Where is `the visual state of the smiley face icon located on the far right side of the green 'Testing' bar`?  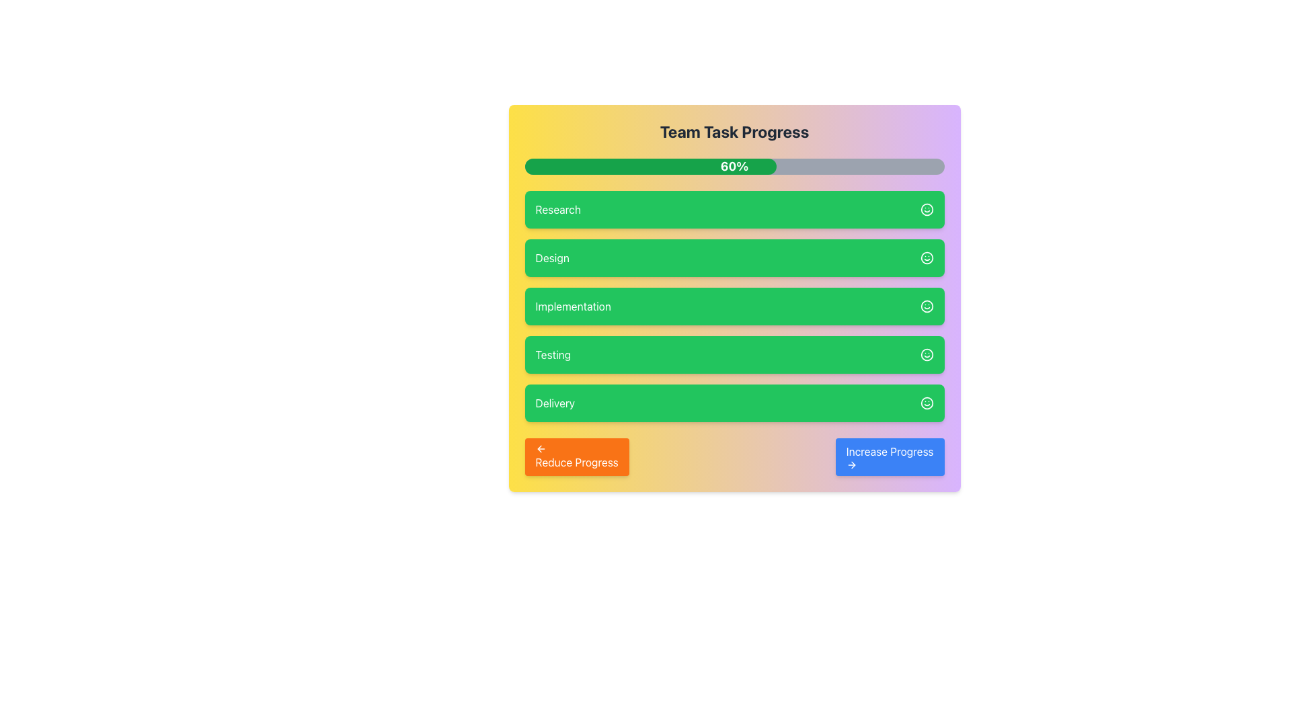 the visual state of the smiley face icon located on the far right side of the green 'Testing' bar is located at coordinates (926, 354).